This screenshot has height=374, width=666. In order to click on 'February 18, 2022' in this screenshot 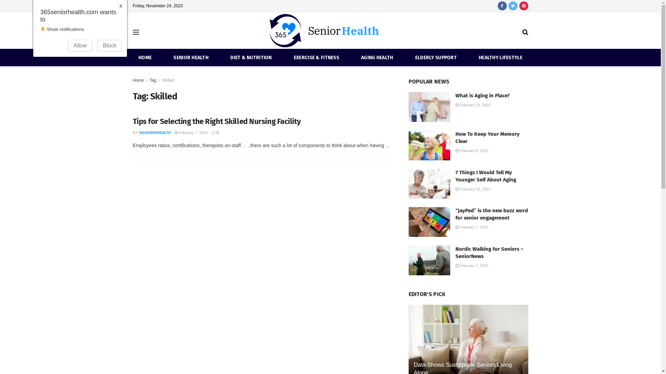, I will do `click(472, 105)`.